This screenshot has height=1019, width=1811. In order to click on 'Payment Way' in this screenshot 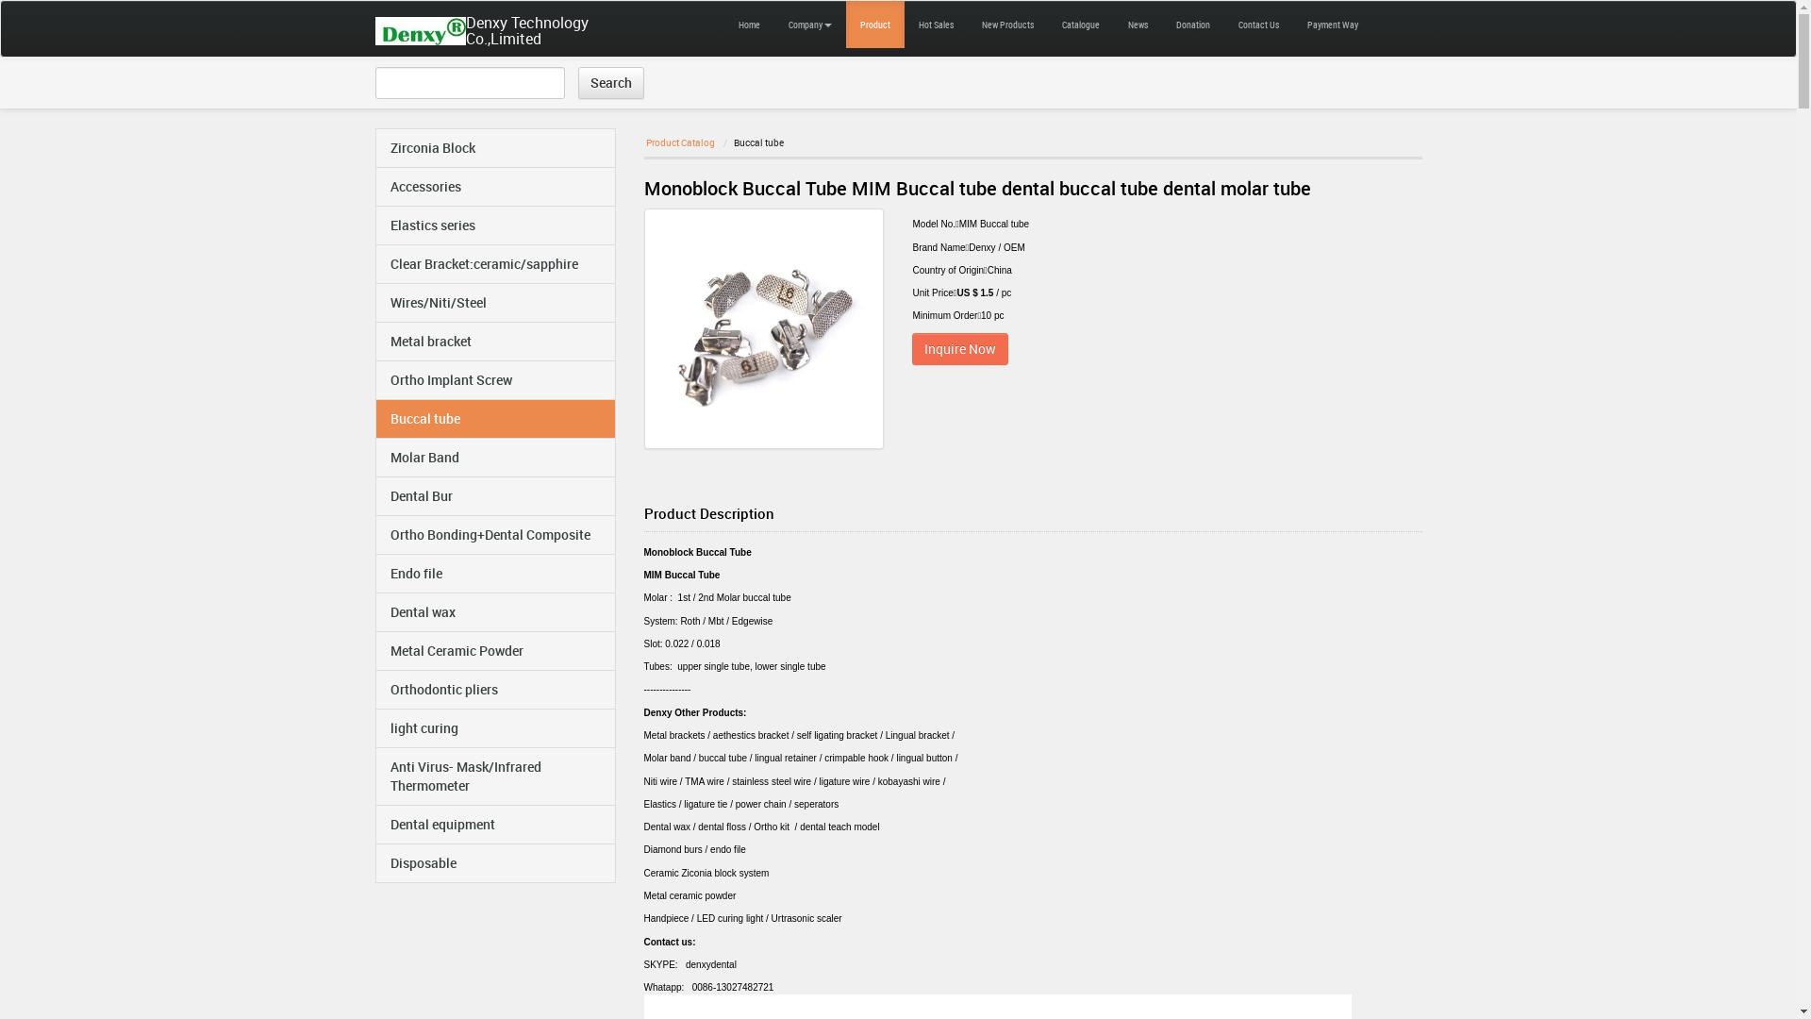, I will do `click(1330, 25)`.